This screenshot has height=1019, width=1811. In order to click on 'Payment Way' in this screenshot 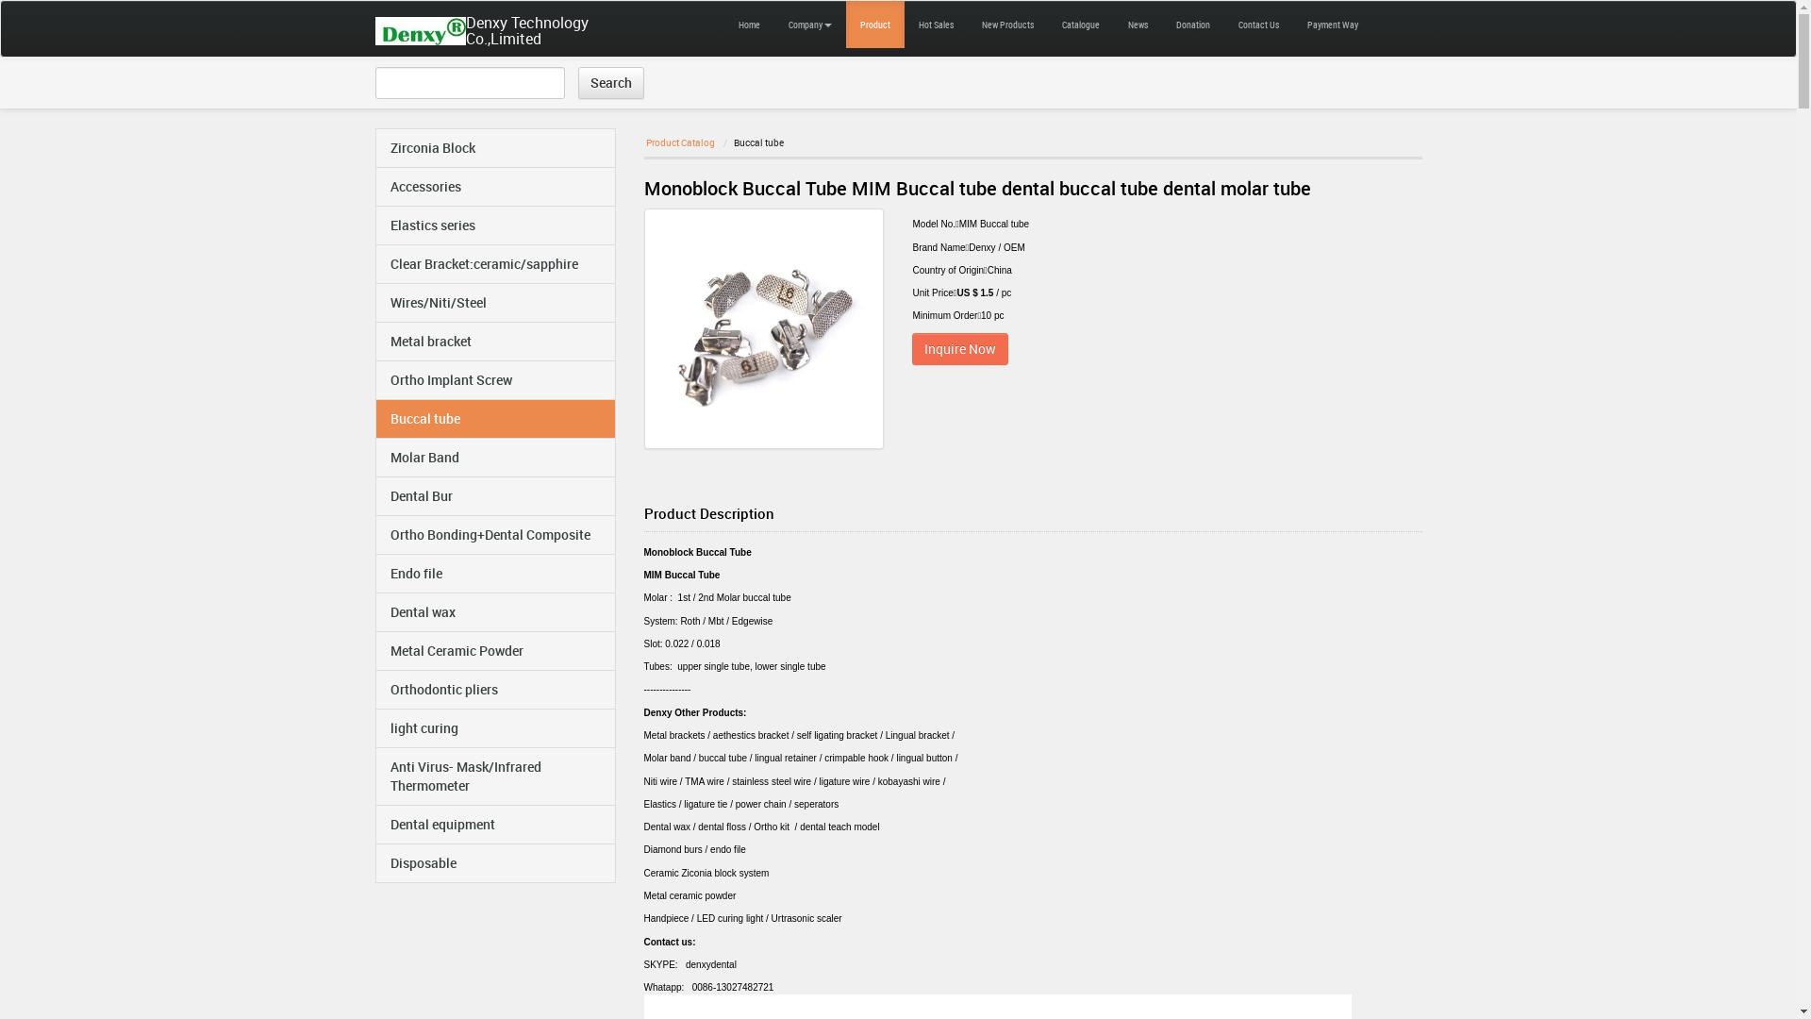, I will do `click(1330, 25)`.